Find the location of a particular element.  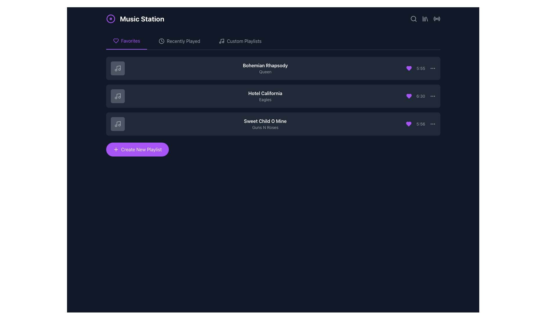

the first square icon on the left in the first row of the music list, which features a rounded background and a centered music note symbol is located at coordinates (117, 68).